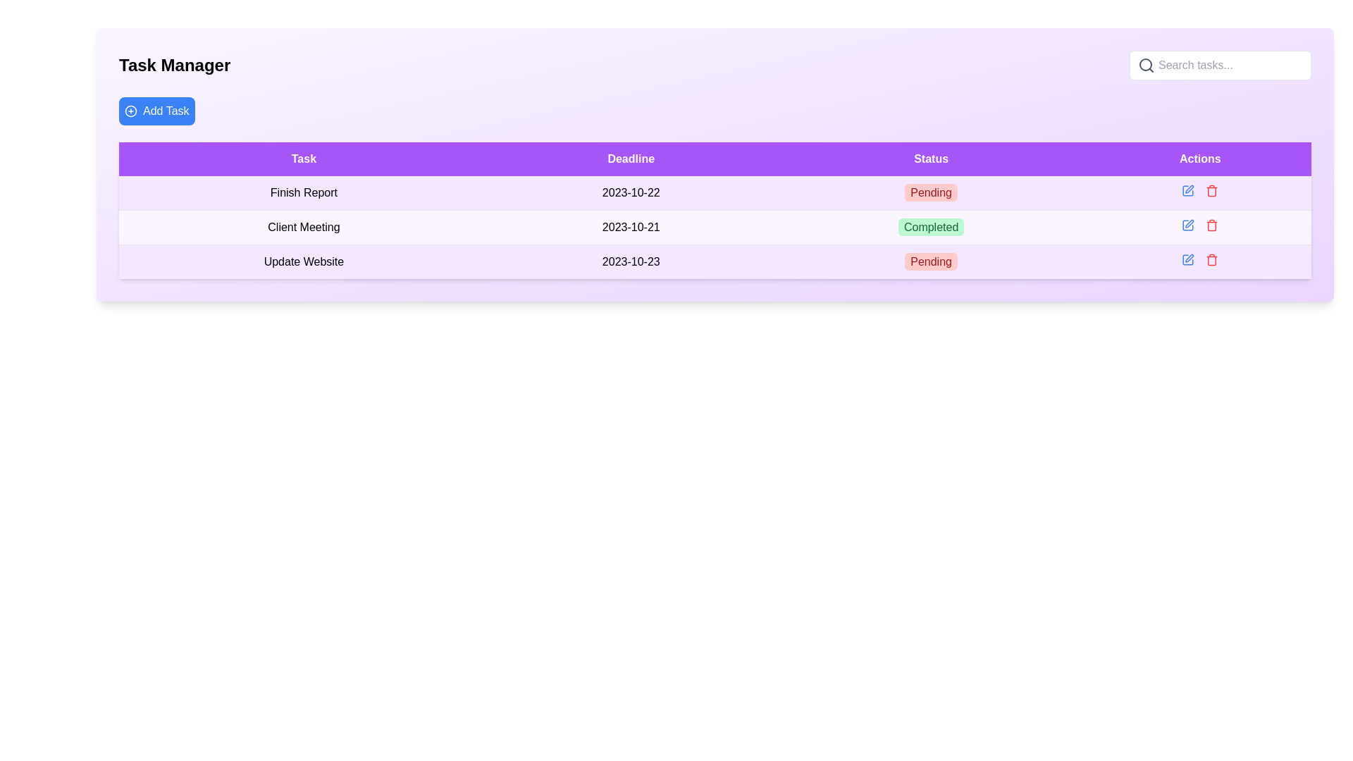  I want to click on the first clickable icon (edit button) under the 'Actions' column to initiate edit mode for the last task on the list, so click(1187, 260).